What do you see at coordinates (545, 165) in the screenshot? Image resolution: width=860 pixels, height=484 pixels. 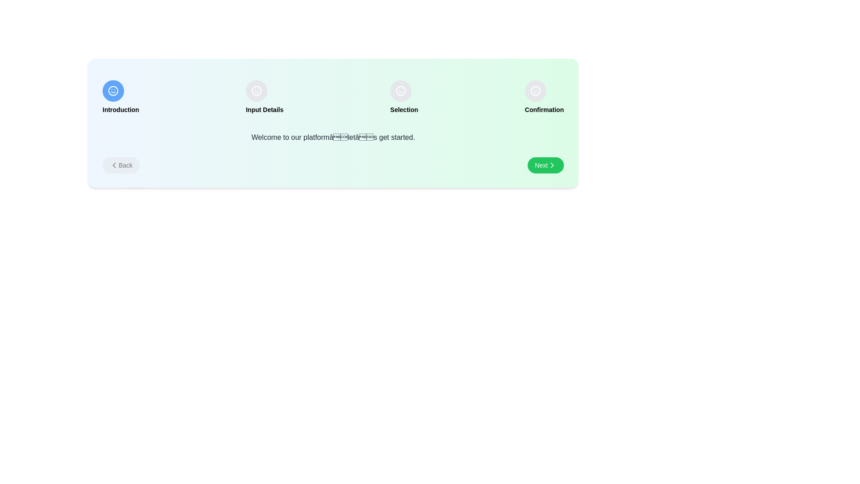 I see `the 'Next' button to proceed to the next step in the onboarding process` at bounding box center [545, 165].